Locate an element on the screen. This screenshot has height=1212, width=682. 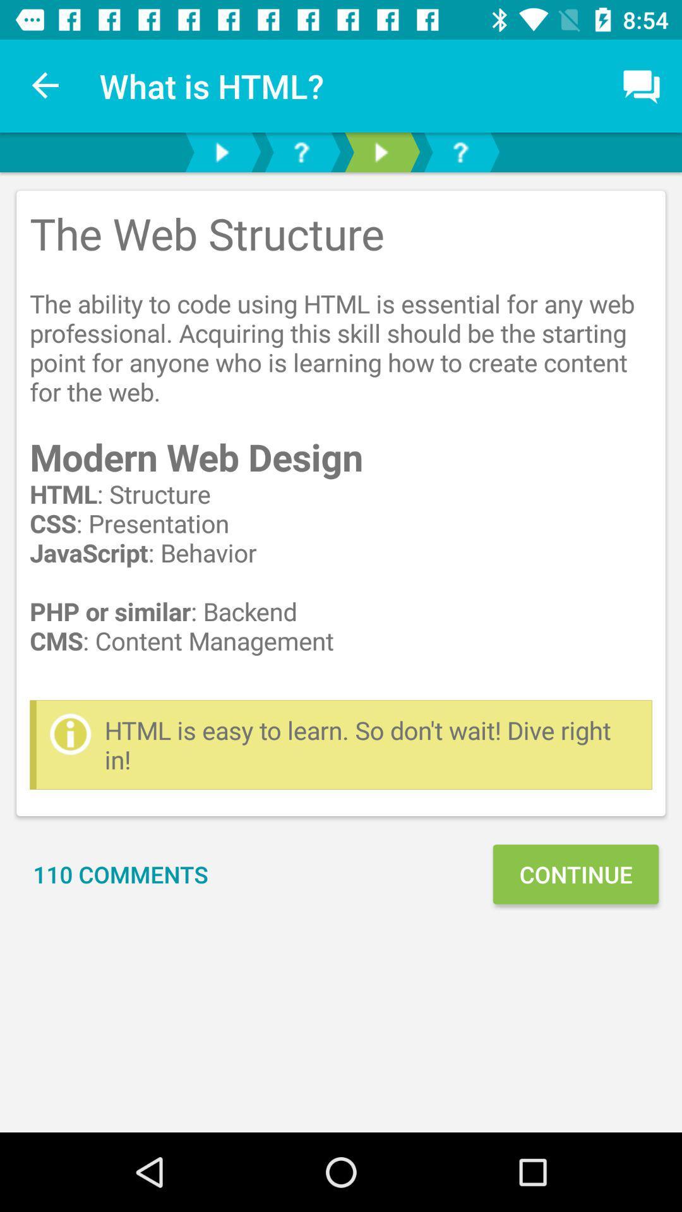
the item to the right of 110 comments is located at coordinates (575, 874).